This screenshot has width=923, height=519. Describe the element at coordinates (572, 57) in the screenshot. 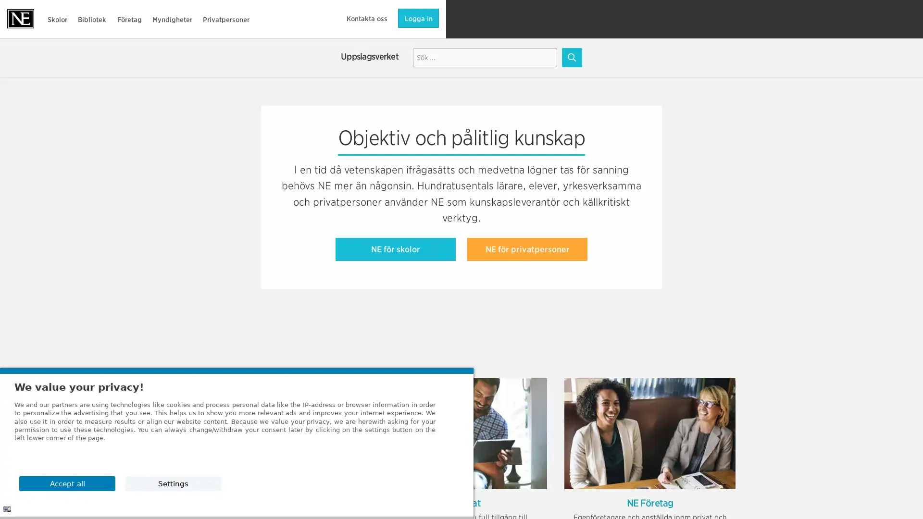

I see `Sok` at that location.